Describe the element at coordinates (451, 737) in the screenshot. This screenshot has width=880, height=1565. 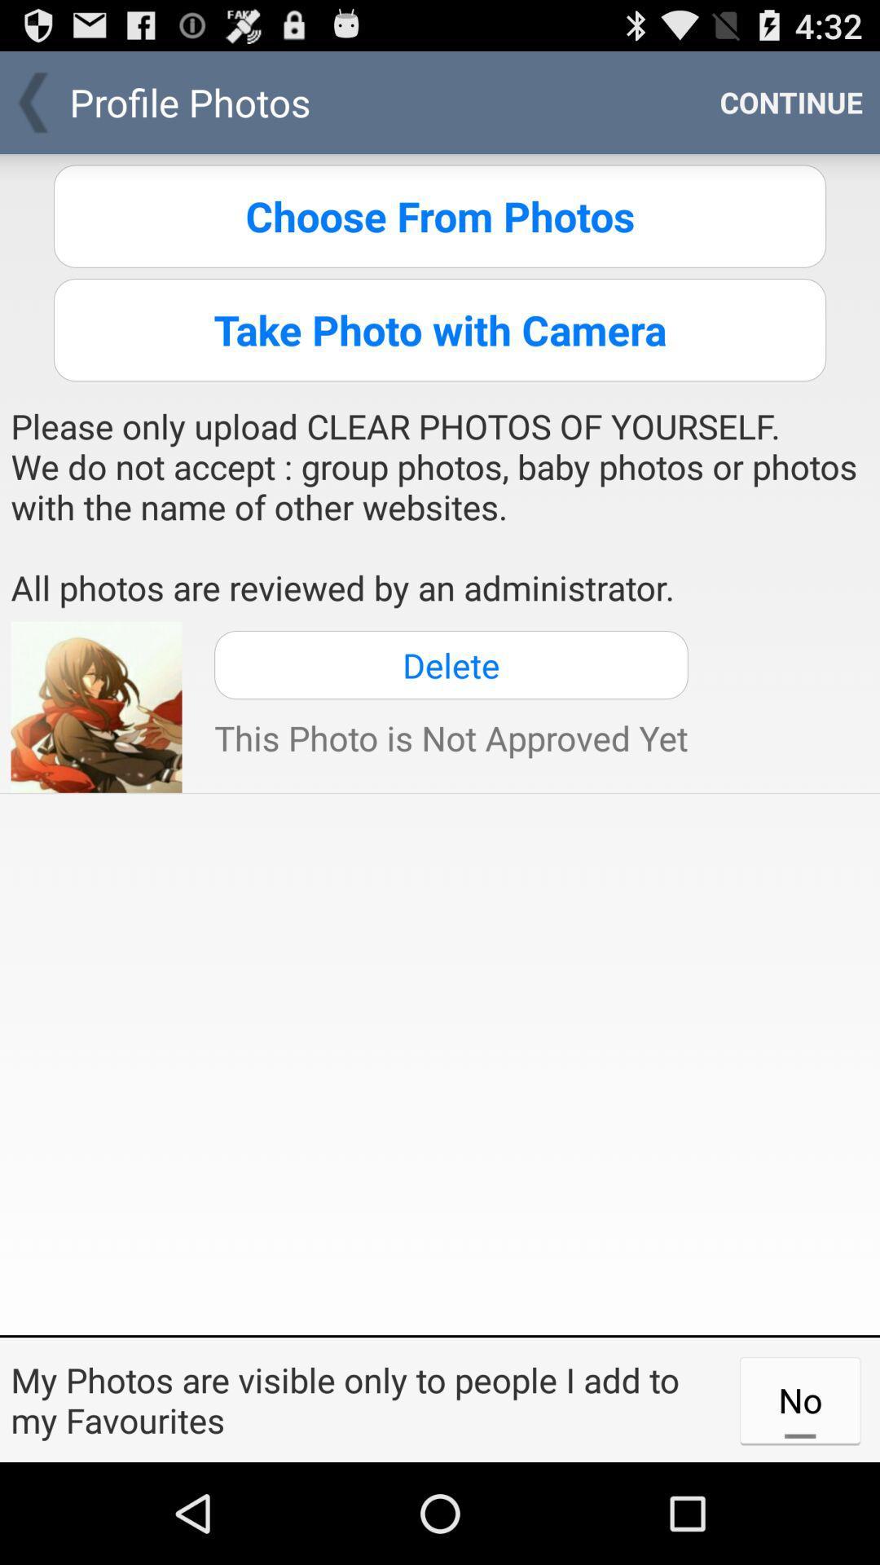
I see `the this photo is app` at that location.